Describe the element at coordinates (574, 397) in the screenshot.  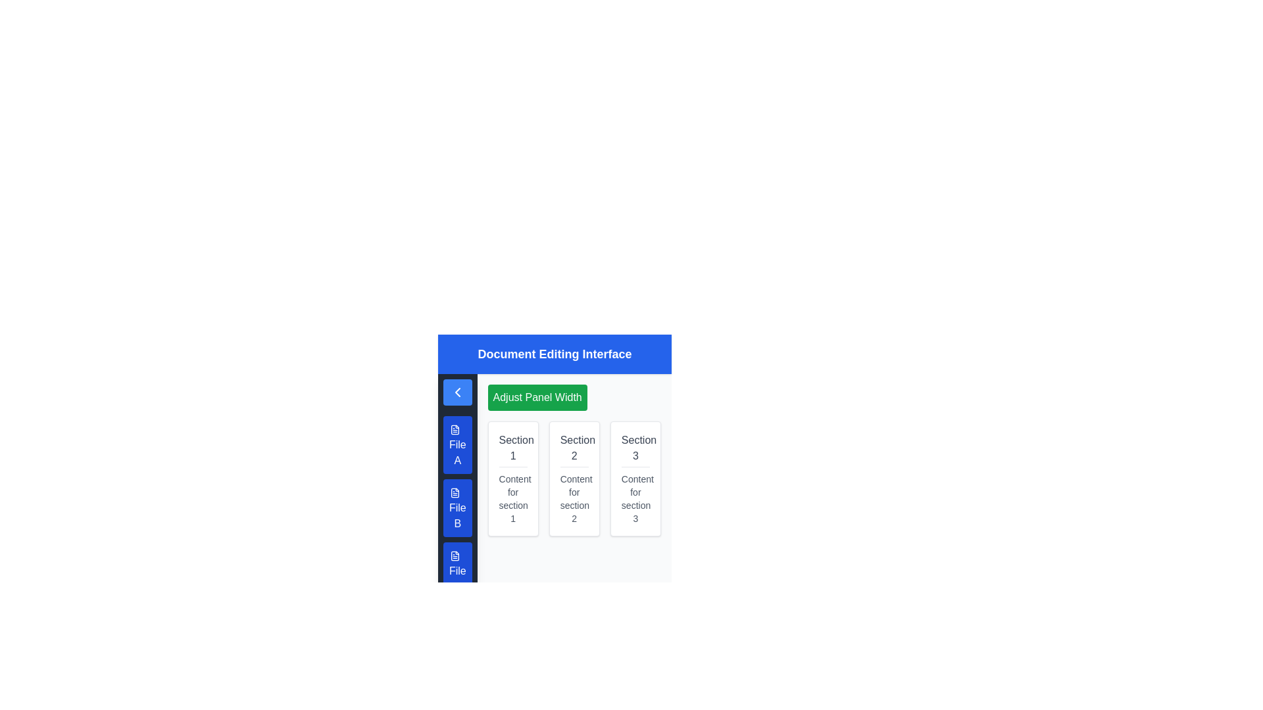
I see `the green rectangular button labeled 'Adjust Panel Width'` at that location.